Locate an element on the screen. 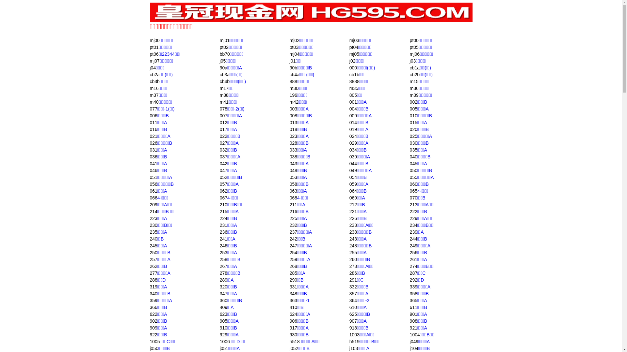 This screenshot has height=352, width=627. '290' is located at coordinates (289, 280).